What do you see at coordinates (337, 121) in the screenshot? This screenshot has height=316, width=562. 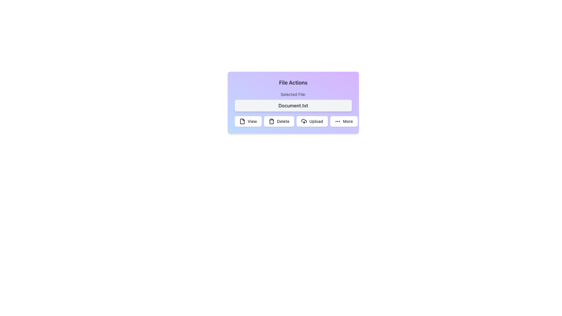 I see `the ellipsis icon located within the 'More' button in the bottom-right corner of the 'File Actions' interface card` at bounding box center [337, 121].